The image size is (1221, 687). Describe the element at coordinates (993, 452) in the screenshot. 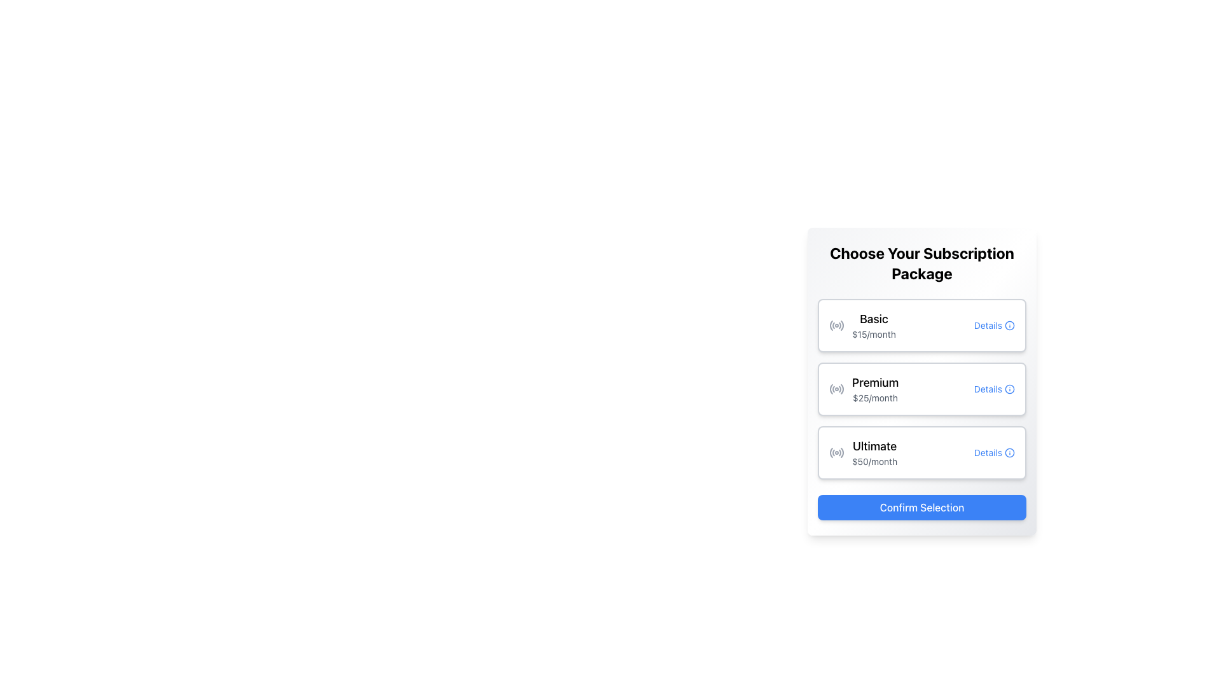

I see `the 'Details' link located to the right of the 'Ultimate' subscription option priced at '$50/month'` at that location.